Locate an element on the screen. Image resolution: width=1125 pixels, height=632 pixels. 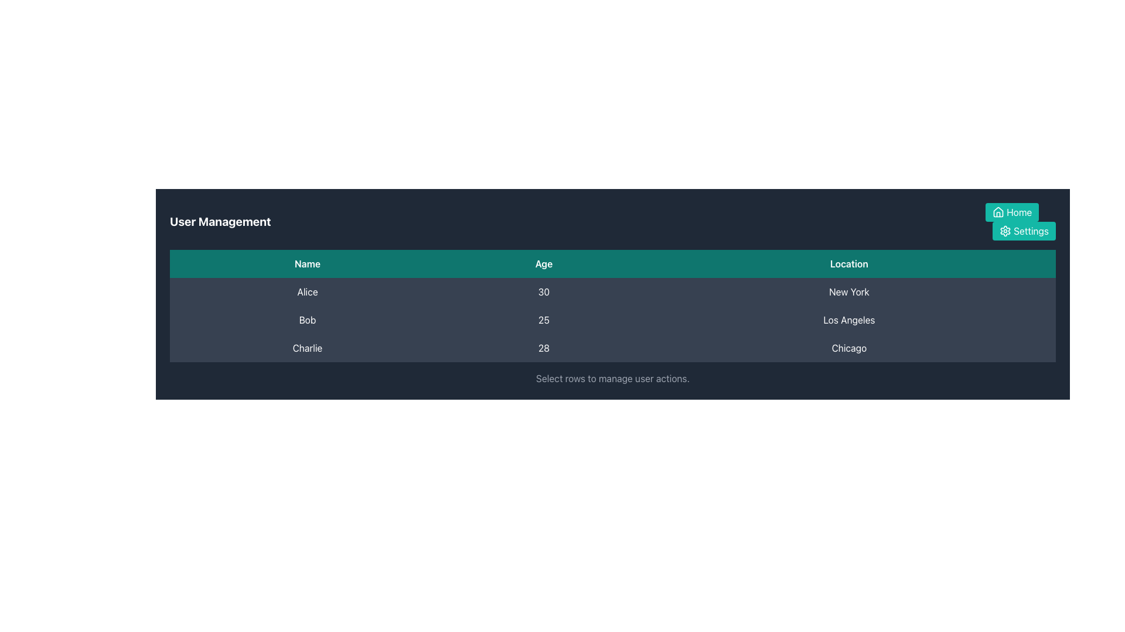
the first row of the table displaying details such as a name, age, and location is located at coordinates (612, 291).